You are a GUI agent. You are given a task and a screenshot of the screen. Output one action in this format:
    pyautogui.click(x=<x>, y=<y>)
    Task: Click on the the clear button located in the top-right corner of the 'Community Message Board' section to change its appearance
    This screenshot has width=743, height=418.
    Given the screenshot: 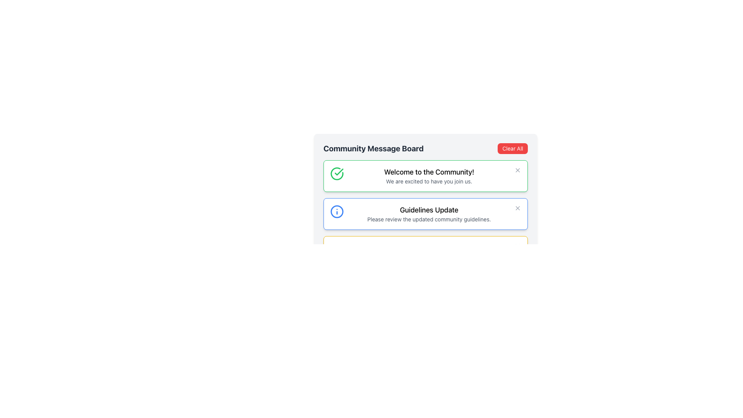 What is the action you would take?
    pyautogui.click(x=513, y=149)
    